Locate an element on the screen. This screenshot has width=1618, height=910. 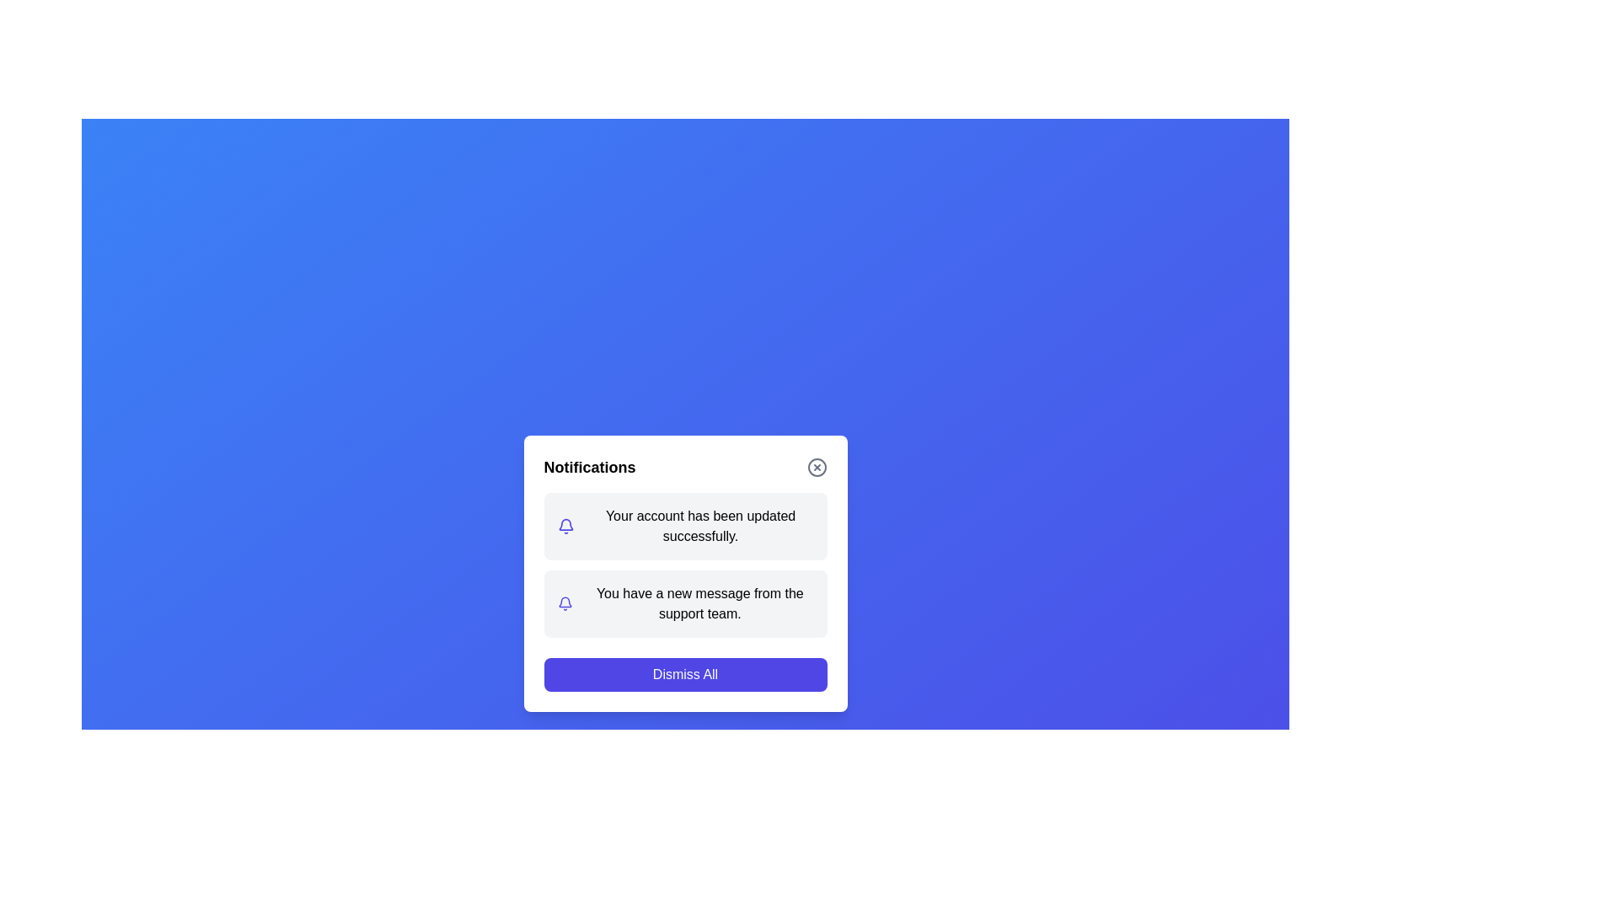
static text notification message that informs the user about receiving a new message from the support team. This message is the second in the notification list within the 'Notifications' card interface is located at coordinates (699, 603).